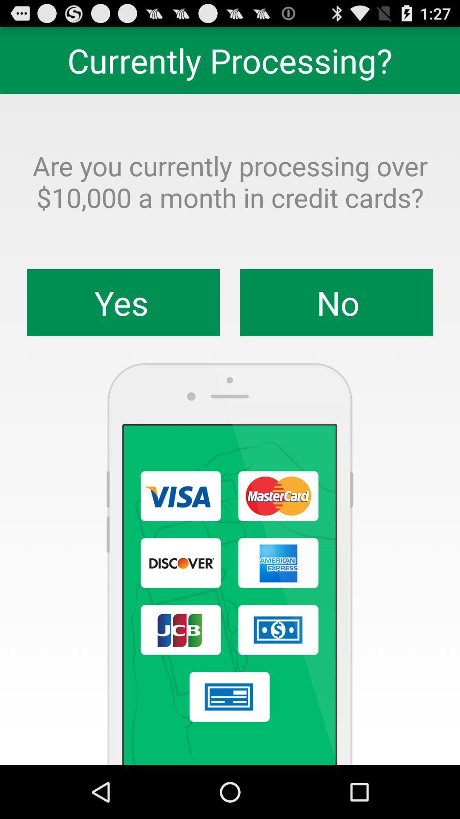 Image resolution: width=460 pixels, height=819 pixels. Describe the element at coordinates (123, 302) in the screenshot. I see `the icon to the left of the no icon` at that location.